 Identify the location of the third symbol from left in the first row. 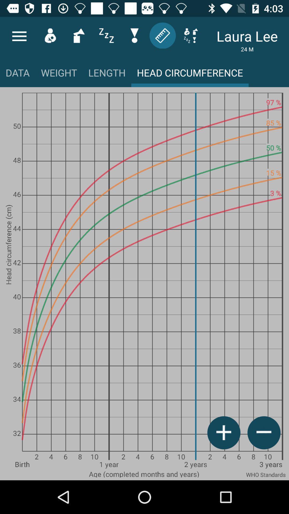
(78, 35).